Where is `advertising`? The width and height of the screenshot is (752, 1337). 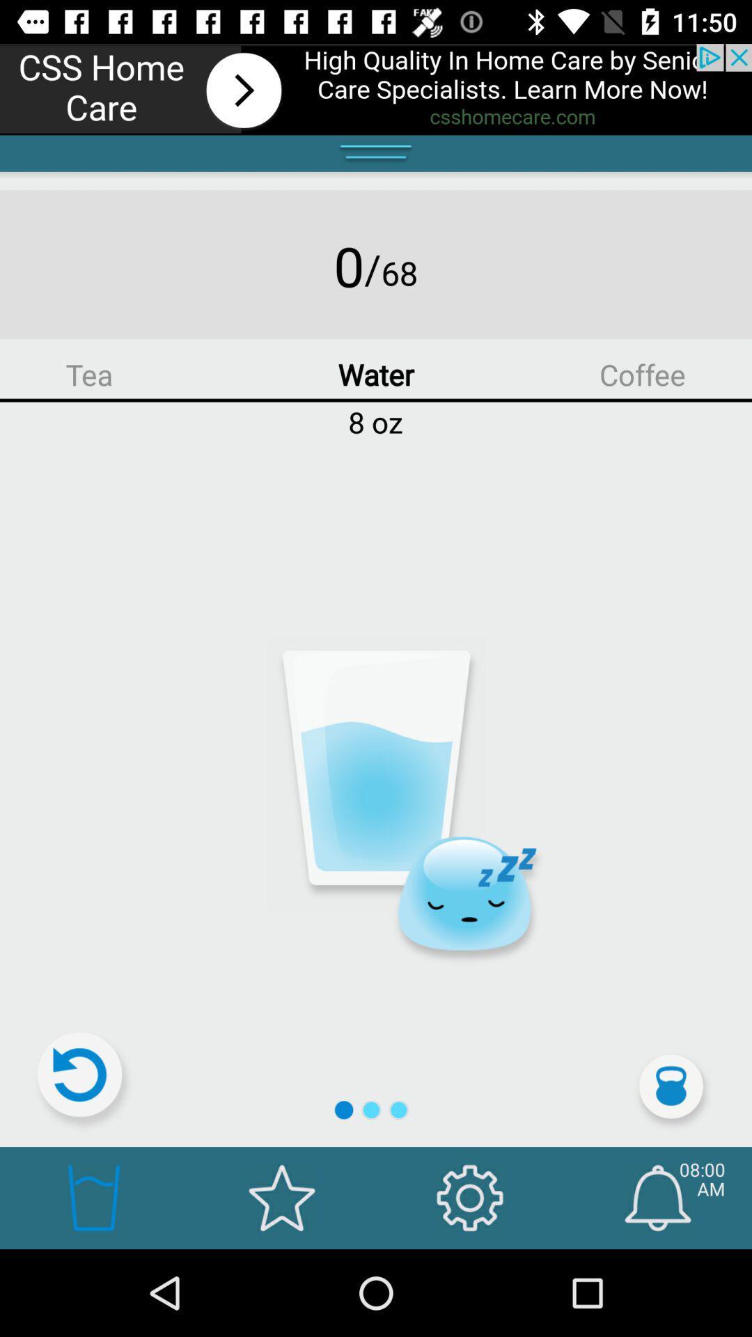
advertising is located at coordinates (376, 88).